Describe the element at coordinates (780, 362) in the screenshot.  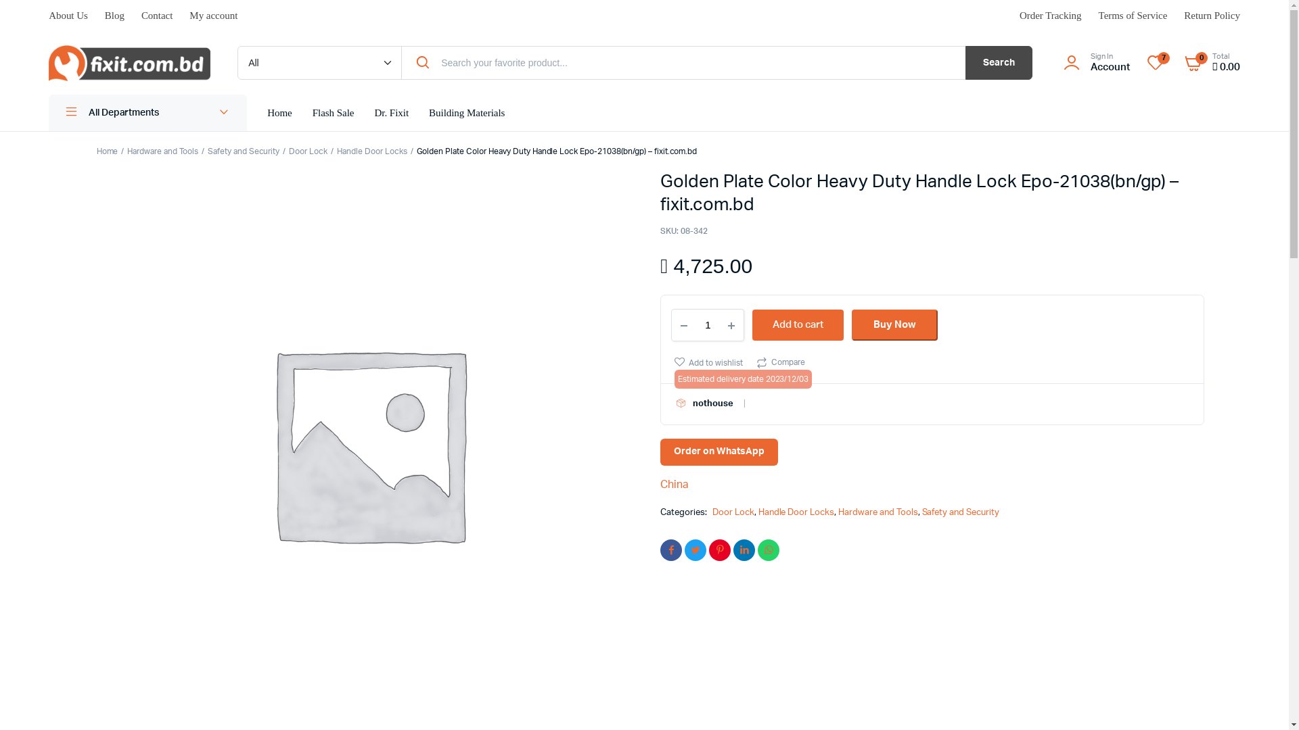
I see `'Compare'` at that location.